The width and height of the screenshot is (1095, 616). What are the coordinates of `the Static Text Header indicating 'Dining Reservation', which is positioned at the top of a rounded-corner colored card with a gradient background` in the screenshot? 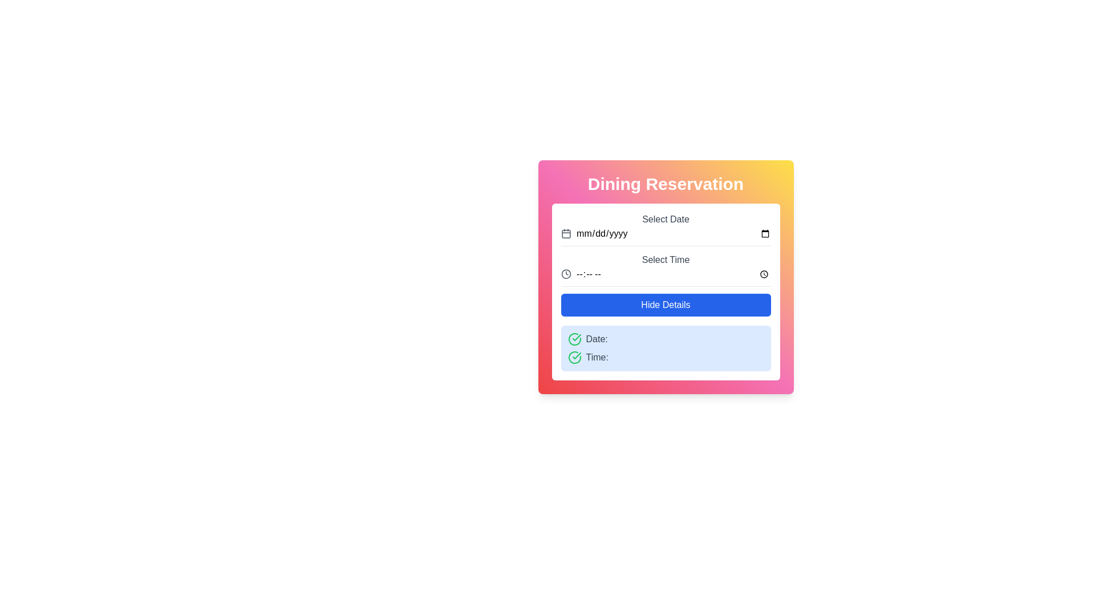 It's located at (666, 184).